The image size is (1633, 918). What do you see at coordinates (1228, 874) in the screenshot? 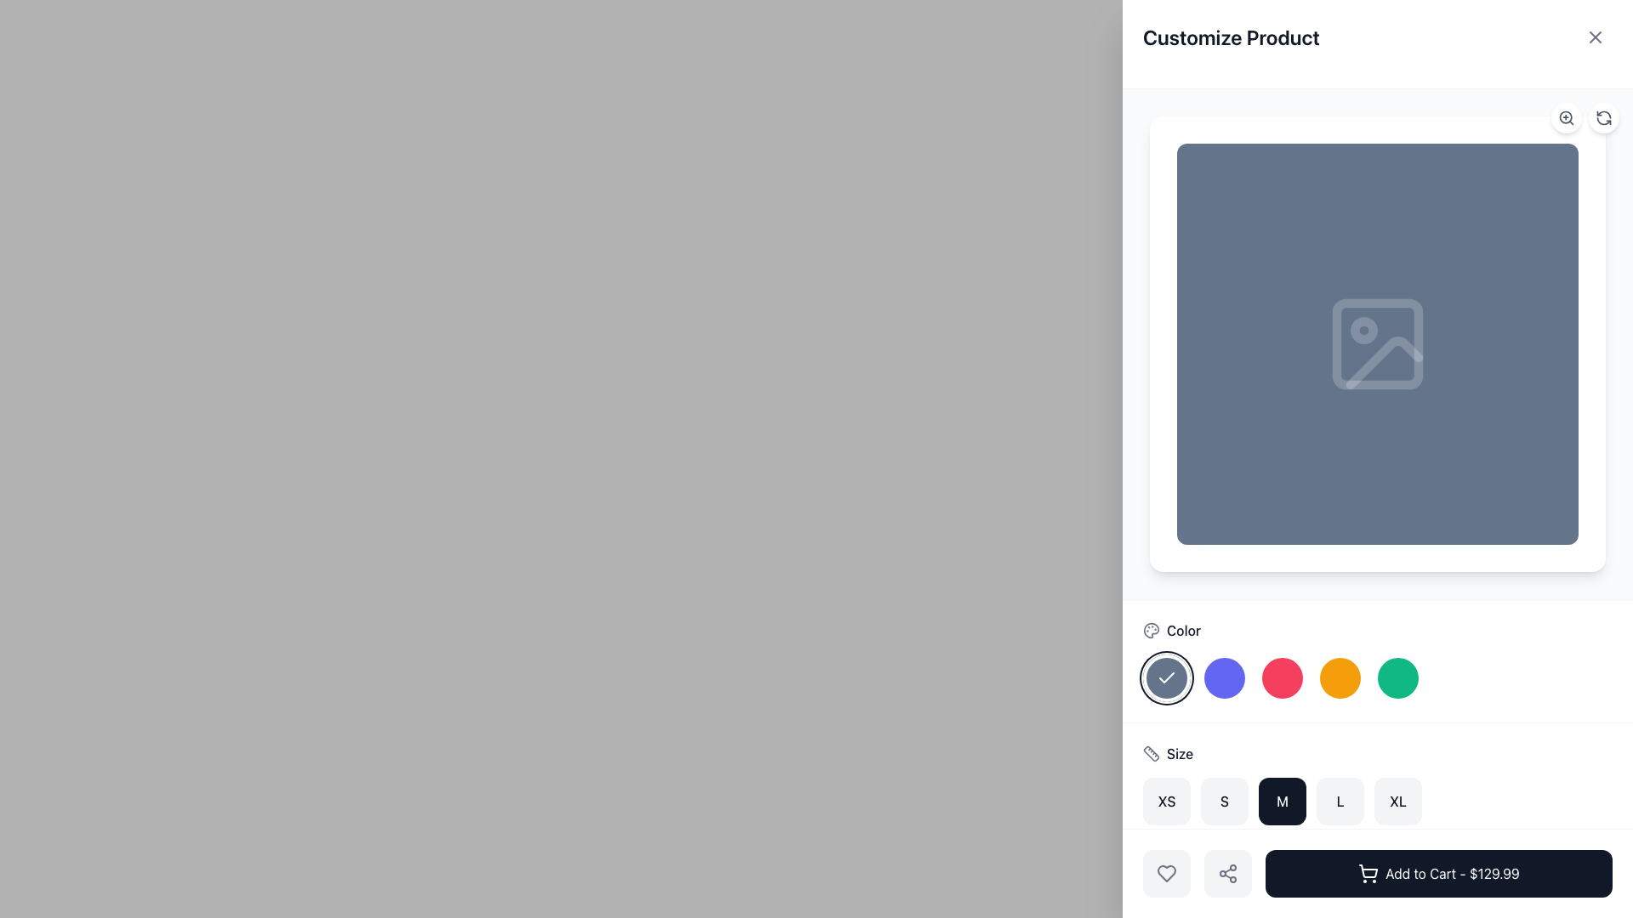
I see `the rounded square button with a light gray background and a share symbol icon` at bounding box center [1228, 874].